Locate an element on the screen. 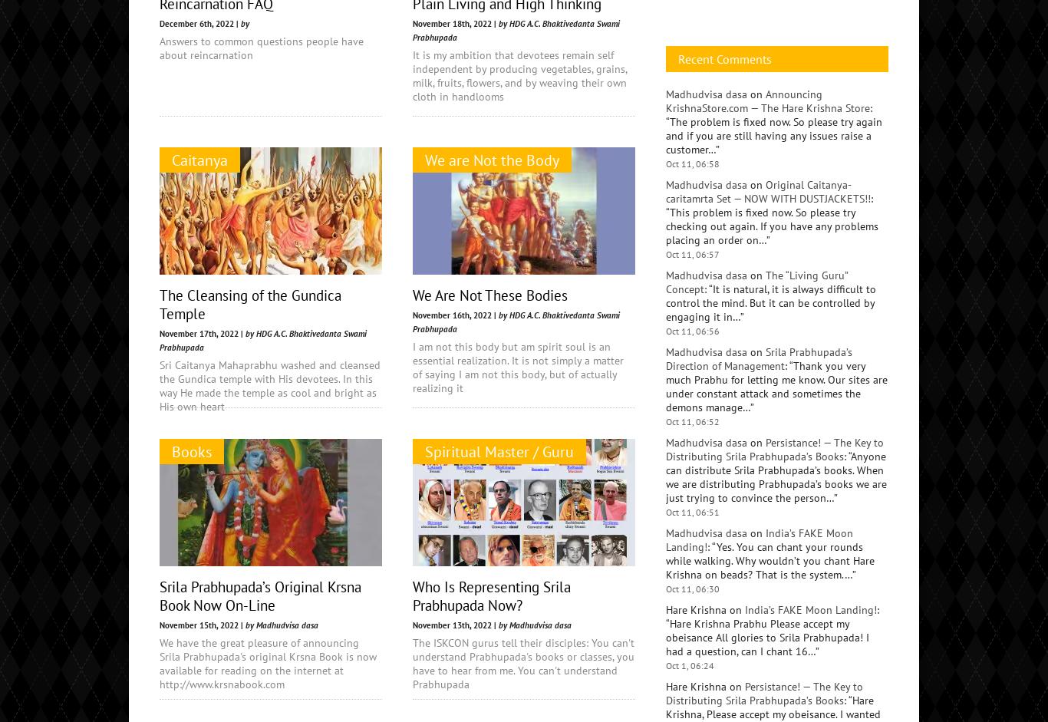  'Yoga' is located at coordinates (701, 87).